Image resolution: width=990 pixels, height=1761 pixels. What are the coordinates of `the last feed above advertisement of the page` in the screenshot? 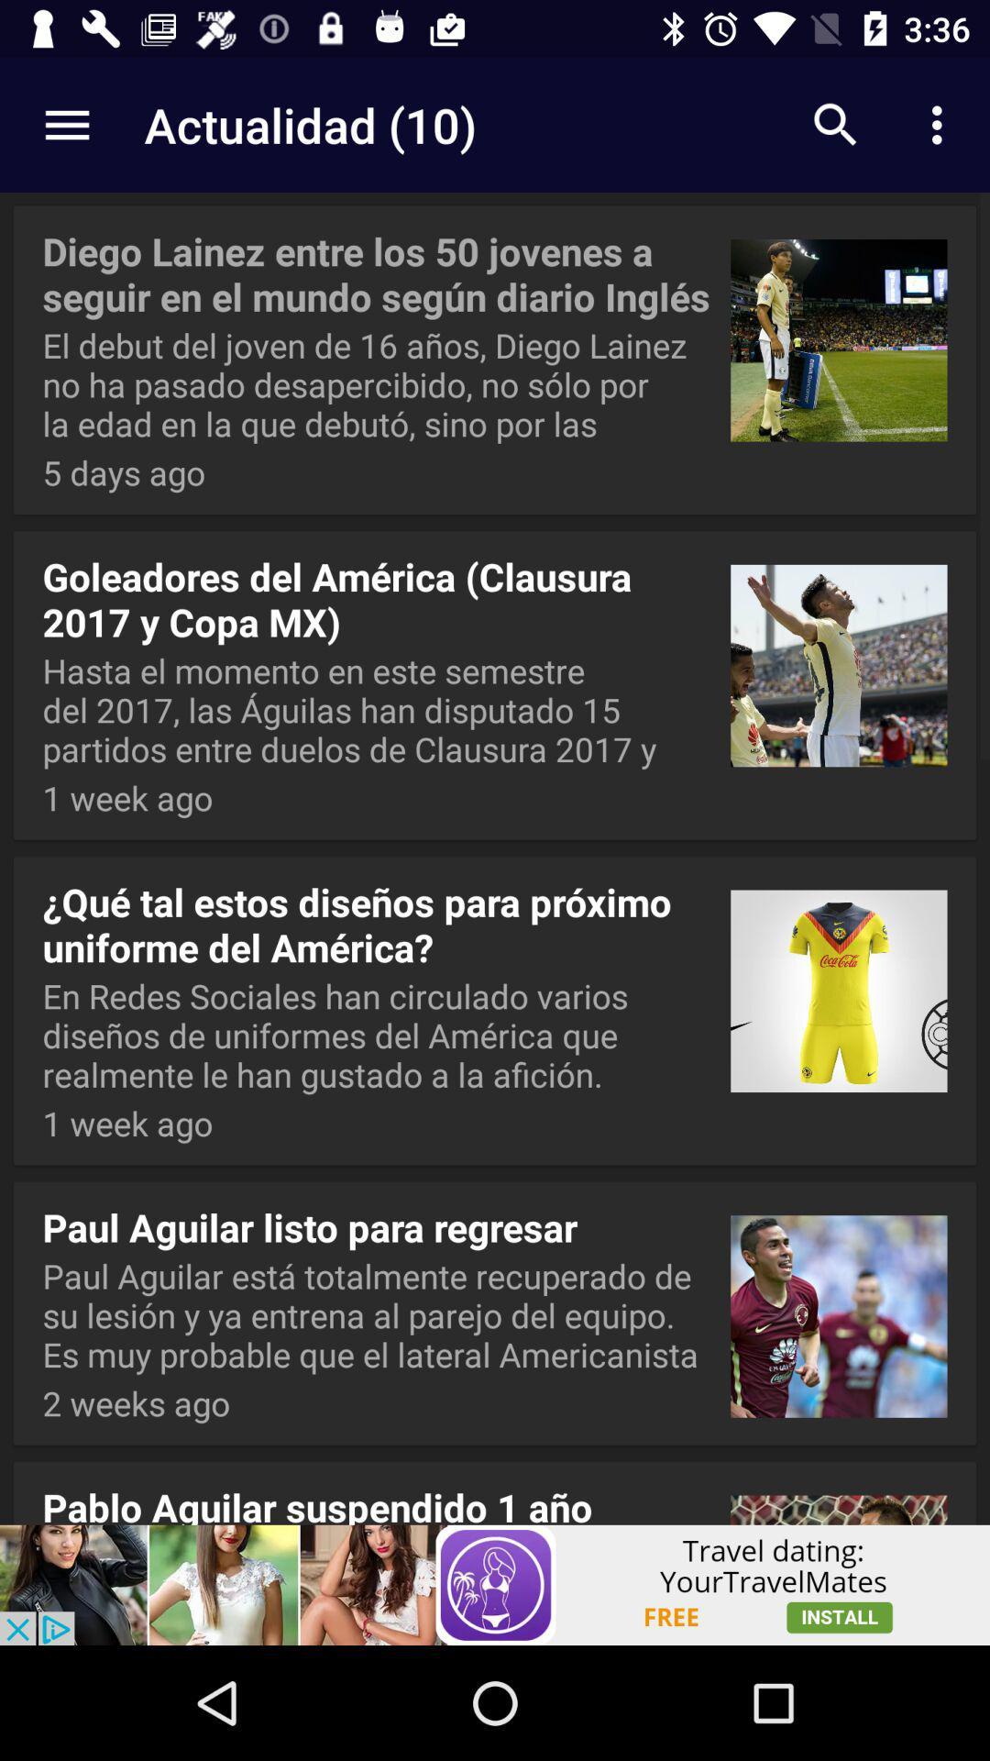 It's located at (495, 1489).